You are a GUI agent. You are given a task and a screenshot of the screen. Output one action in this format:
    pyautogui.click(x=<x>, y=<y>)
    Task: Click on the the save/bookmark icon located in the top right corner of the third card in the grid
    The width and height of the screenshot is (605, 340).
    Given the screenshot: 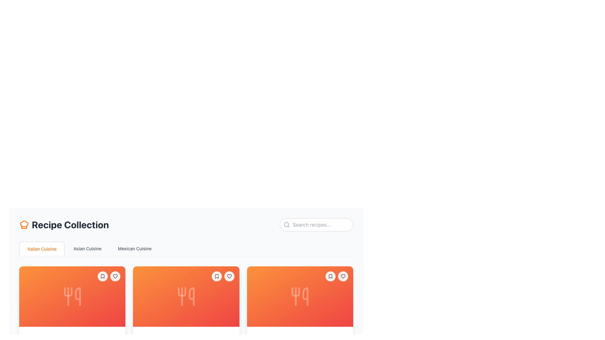 What is the action you would take?
    pyautogui.click(x=330, y=276)
    